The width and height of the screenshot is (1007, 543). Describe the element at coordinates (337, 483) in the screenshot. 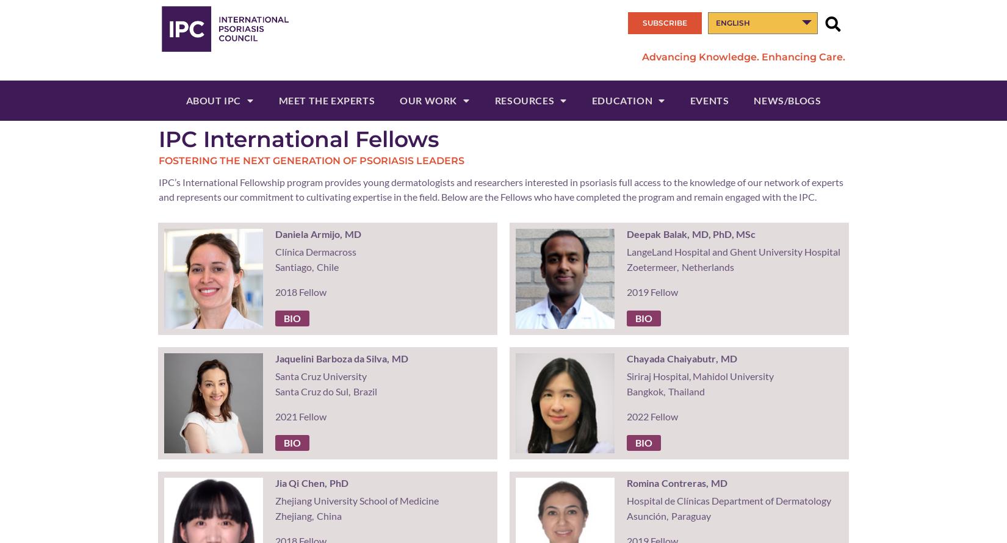

I see `'PhD'` at that location.